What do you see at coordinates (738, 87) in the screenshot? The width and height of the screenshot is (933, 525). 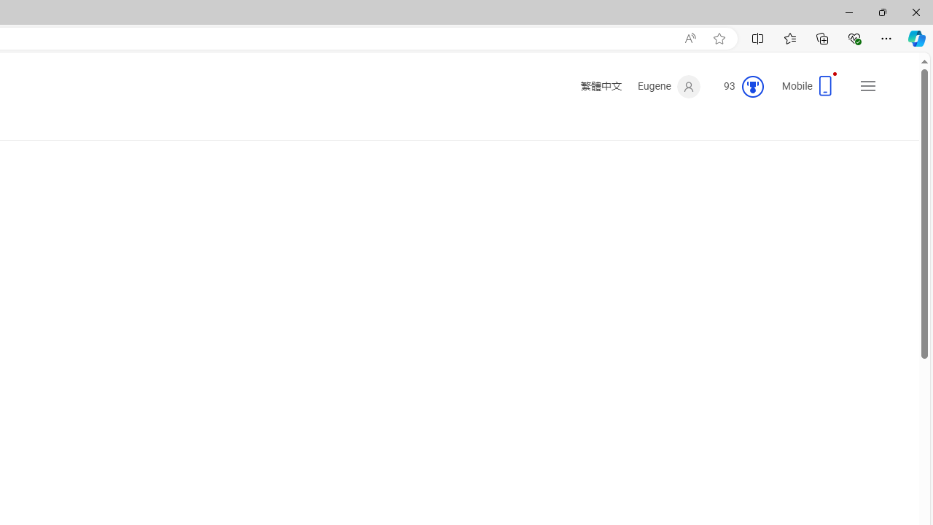 I see `'Microsoft Rewards 93'` at bounding box center [738, 87].